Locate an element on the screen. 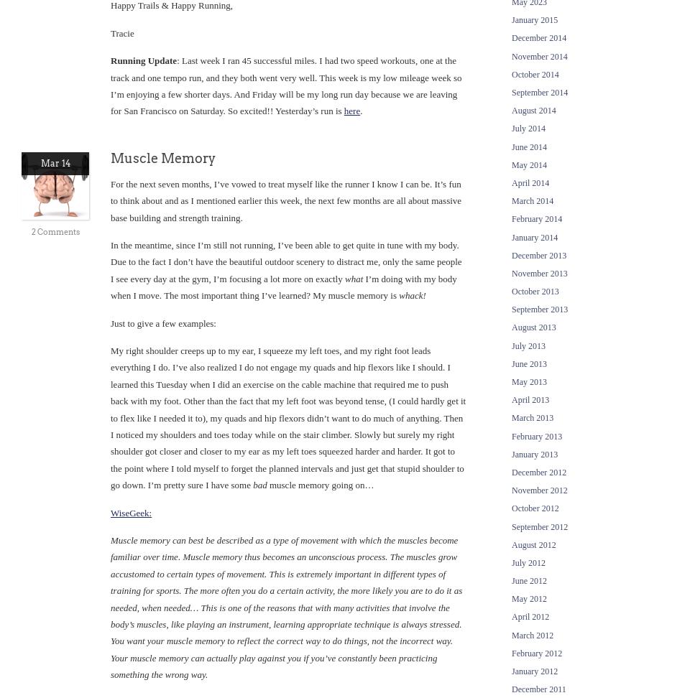  'November 2014' is located at coordinates (538, 55).